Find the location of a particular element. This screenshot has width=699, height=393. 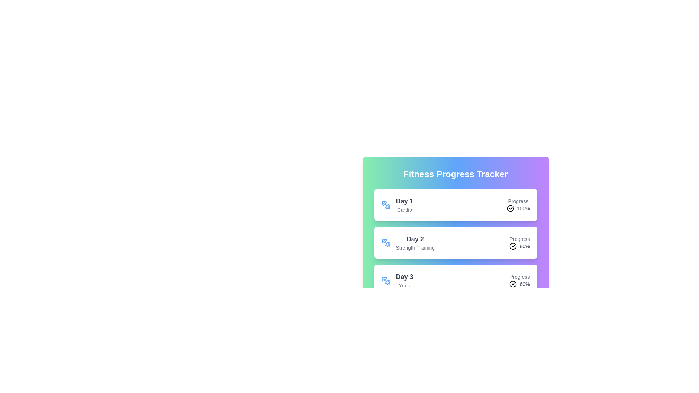

the activity icon for Strength Training is located at coordinates (385, 243).